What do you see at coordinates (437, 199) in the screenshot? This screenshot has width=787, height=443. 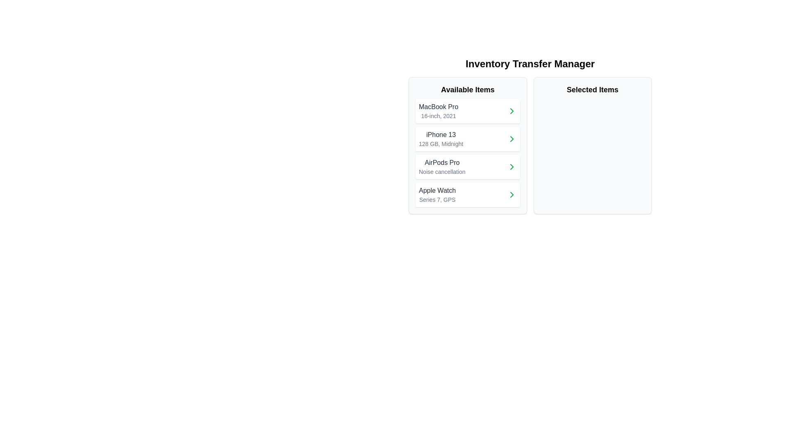 I see `the Text label providing additional information about the 'Apple Watch', located in the 'Available Items' section below the 'Apple Watch' header` at bounding box center [437, 199].